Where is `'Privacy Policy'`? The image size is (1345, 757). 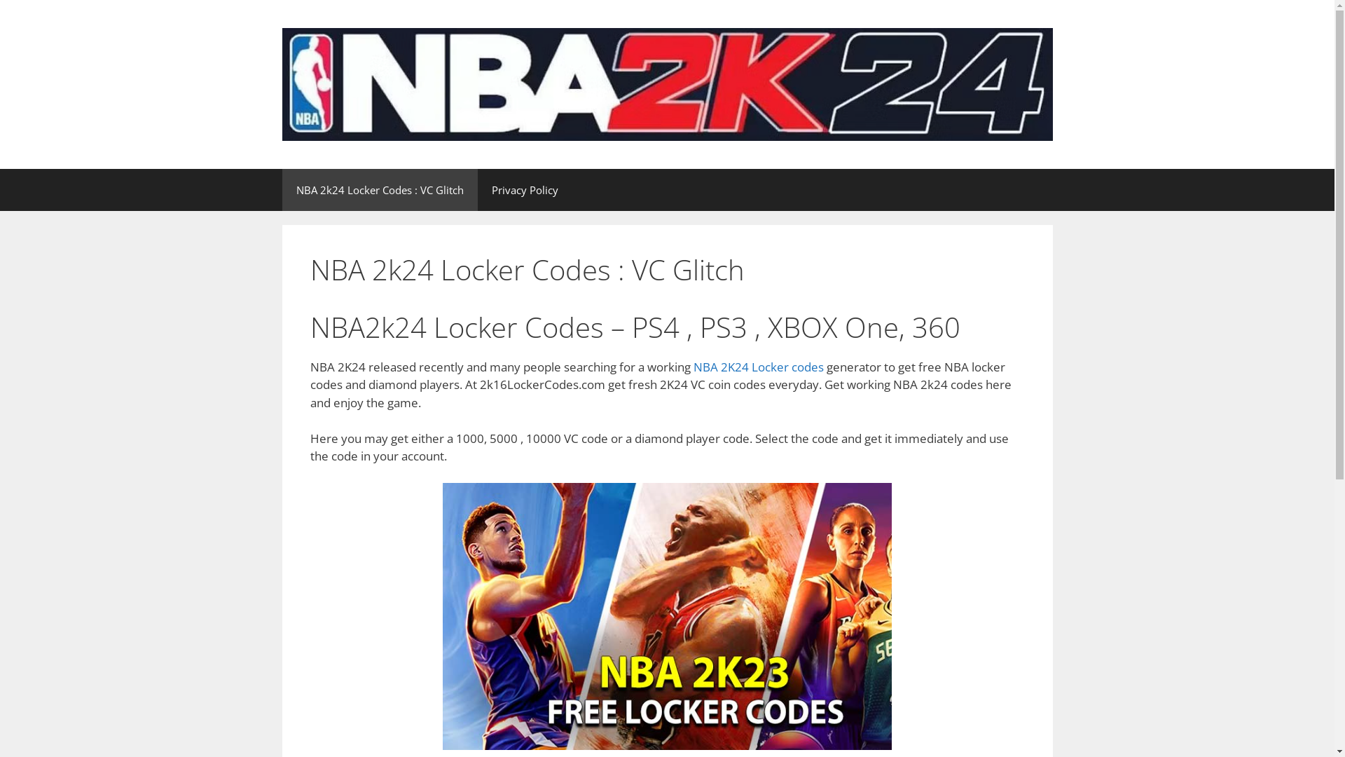 'Privacy Policy' is located at coordinates (524, 189).